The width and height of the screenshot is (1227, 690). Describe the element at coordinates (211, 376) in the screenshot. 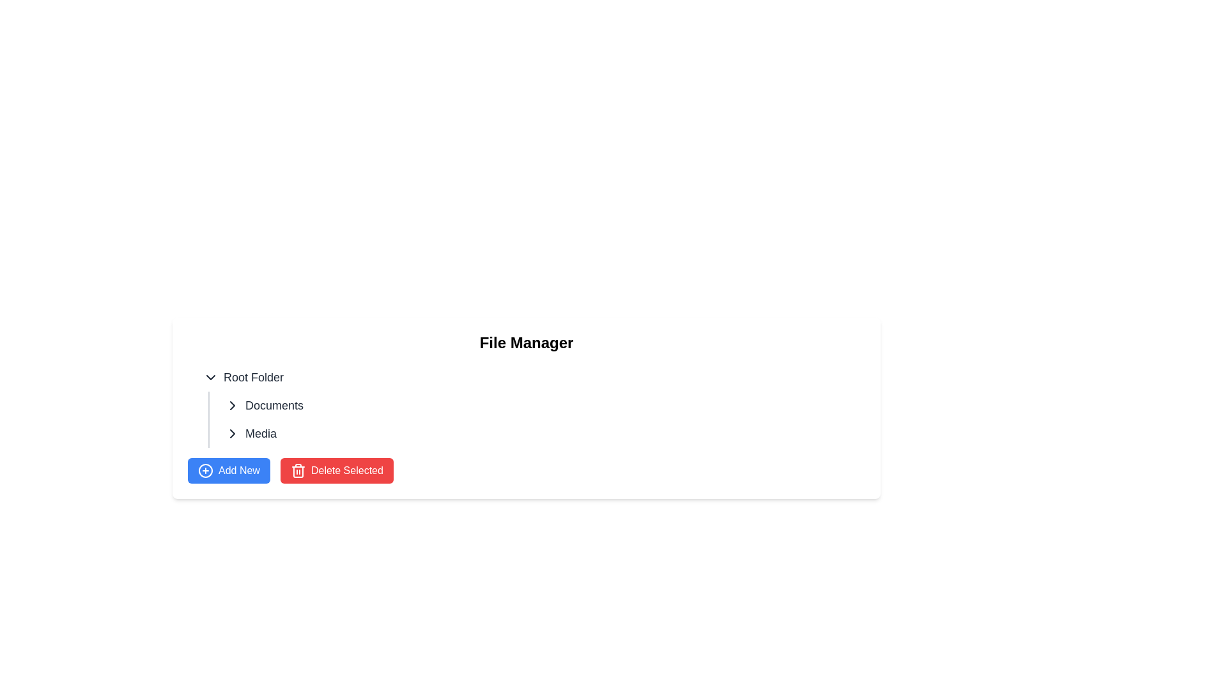

I see `the downward-facing chevron icon, which is styled in a minimalistic design and is located to the left of the 'Root Folder' text` at that location.